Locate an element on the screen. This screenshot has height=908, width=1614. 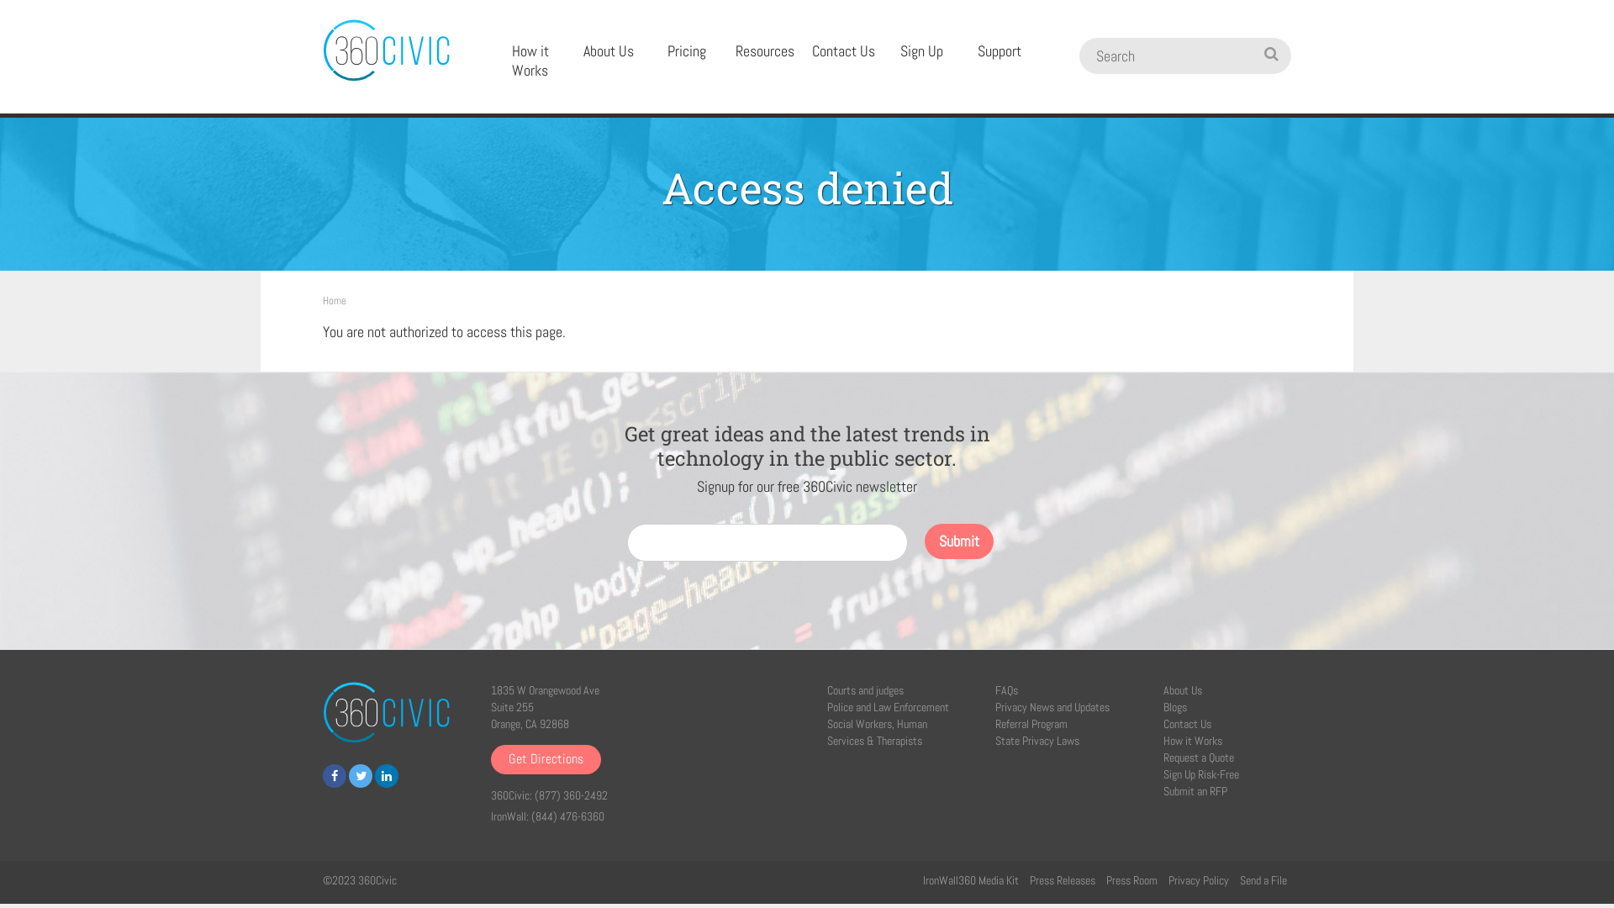
'Press Releases' is located at coordinates (1028, 879).